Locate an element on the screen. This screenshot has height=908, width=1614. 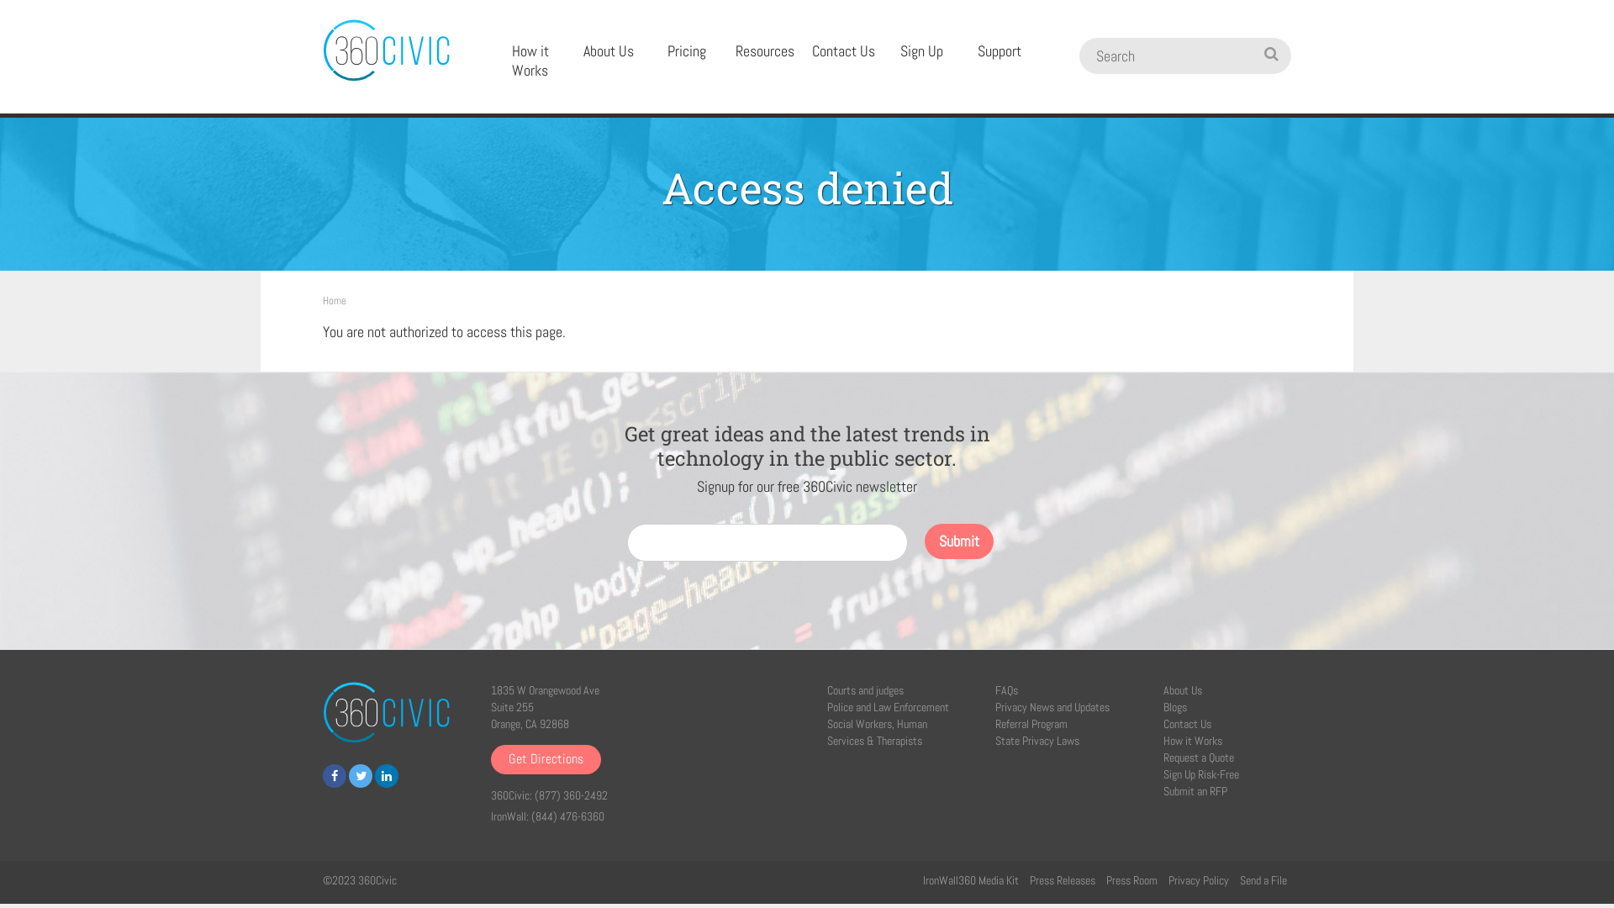
'Press Releases' is located at coordinates (1028, 879).